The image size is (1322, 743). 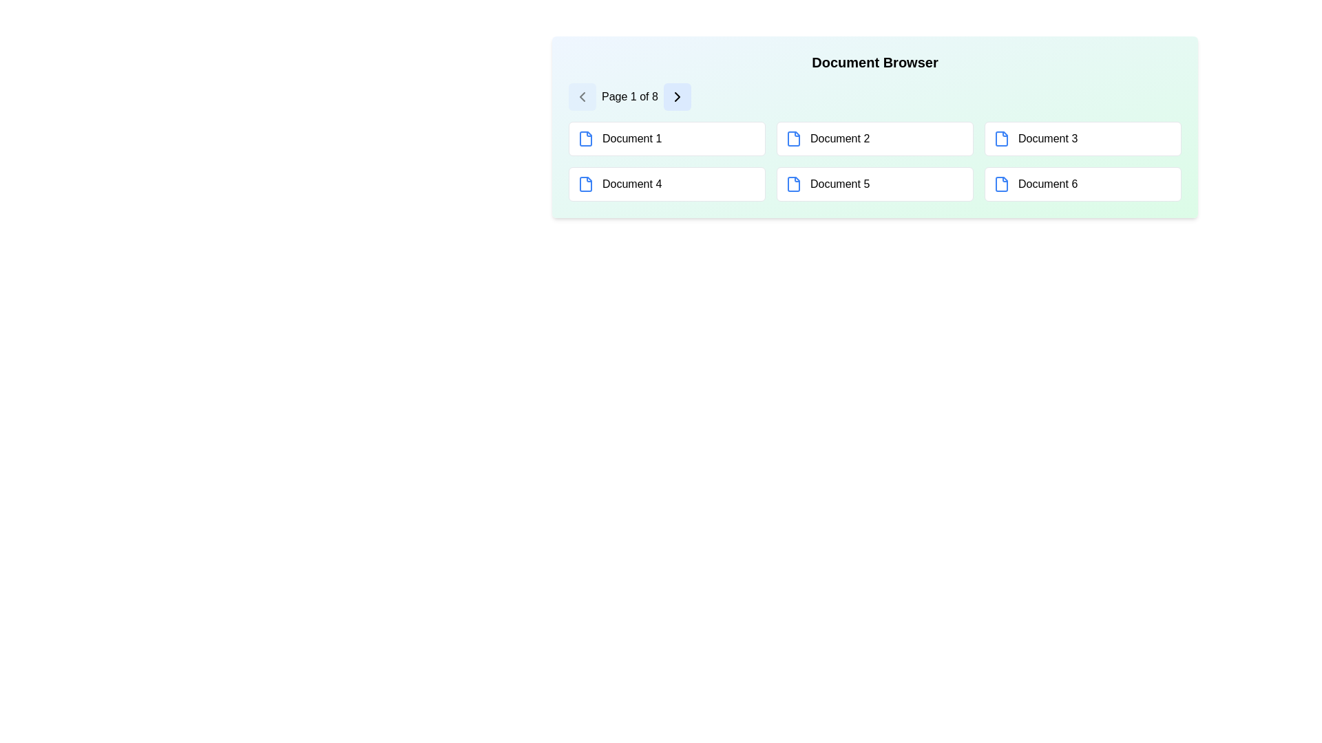 I want to click on the icon representing 'Document 5', so click(x=793, y=183).